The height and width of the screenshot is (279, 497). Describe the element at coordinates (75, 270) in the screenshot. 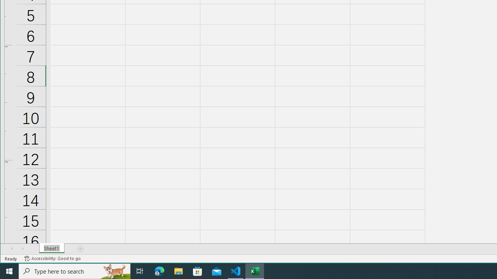

I see `'Type here to search'` at that location.